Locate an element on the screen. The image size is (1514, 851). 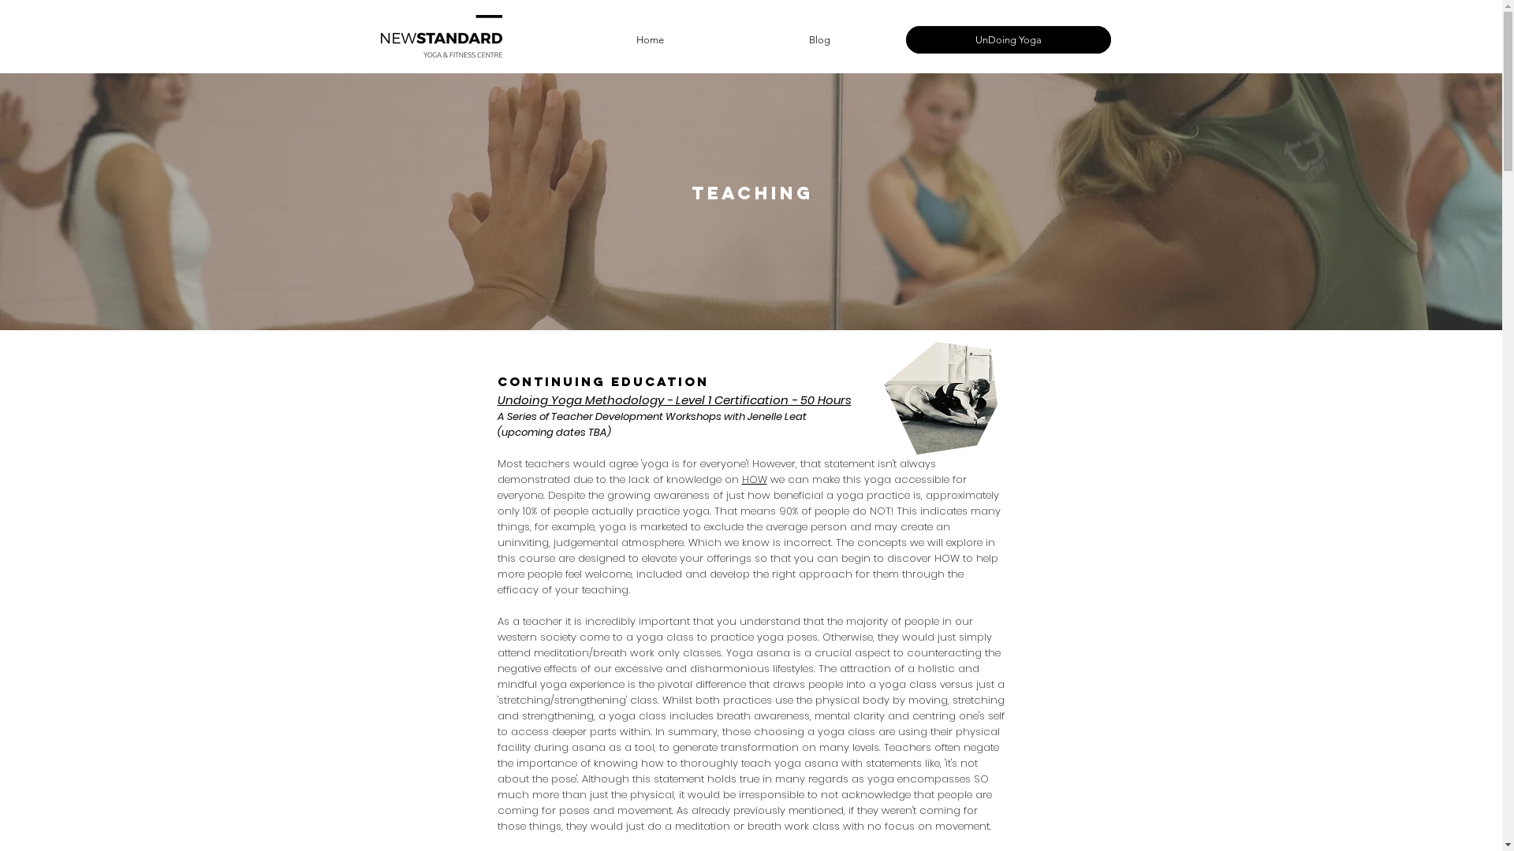
'Home' is located at coordinates (566, 39).